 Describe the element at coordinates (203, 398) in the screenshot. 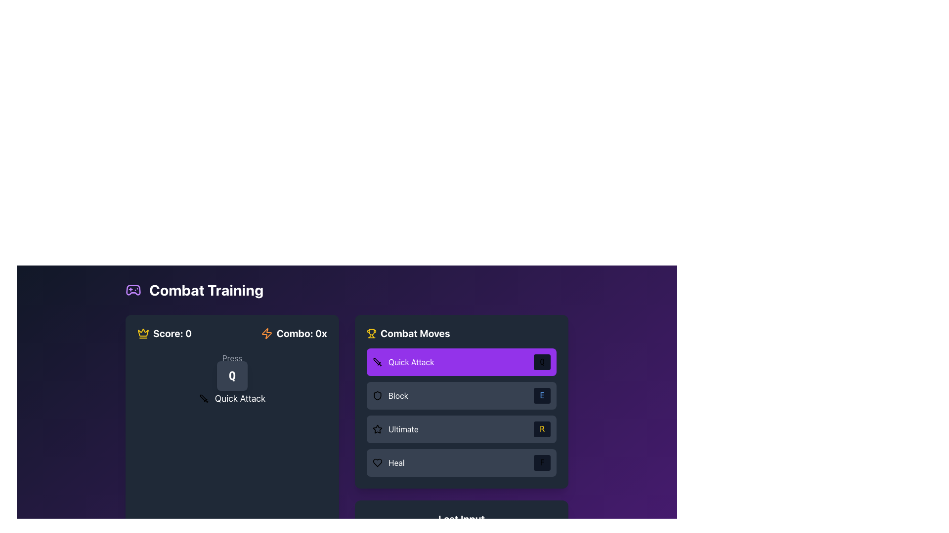

I see `the first icon in the 'Quick Attack' section, which is visually associated with the action labeled 'Quick Attack' and is located in the left-half panel titled 'Combat Training.'` at that location.